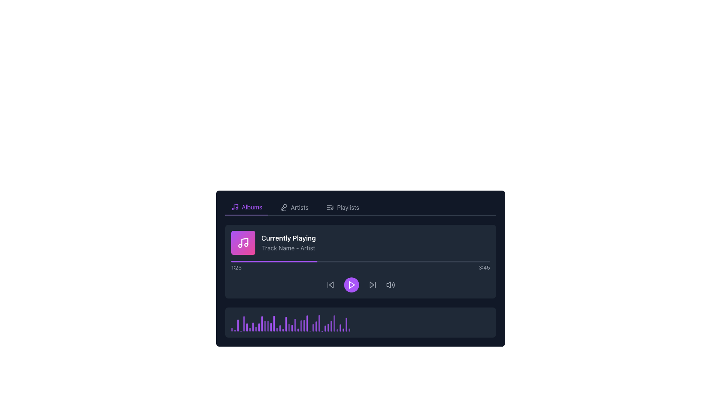 The width and height of the screenshot is (722, 406). What do you see at coordinates (328, 327) in the screenshot?
I see `the graphical bar representing the data point within the bar chart, located towards the right end of the sequence of bars` at bounding box center [328, 327].